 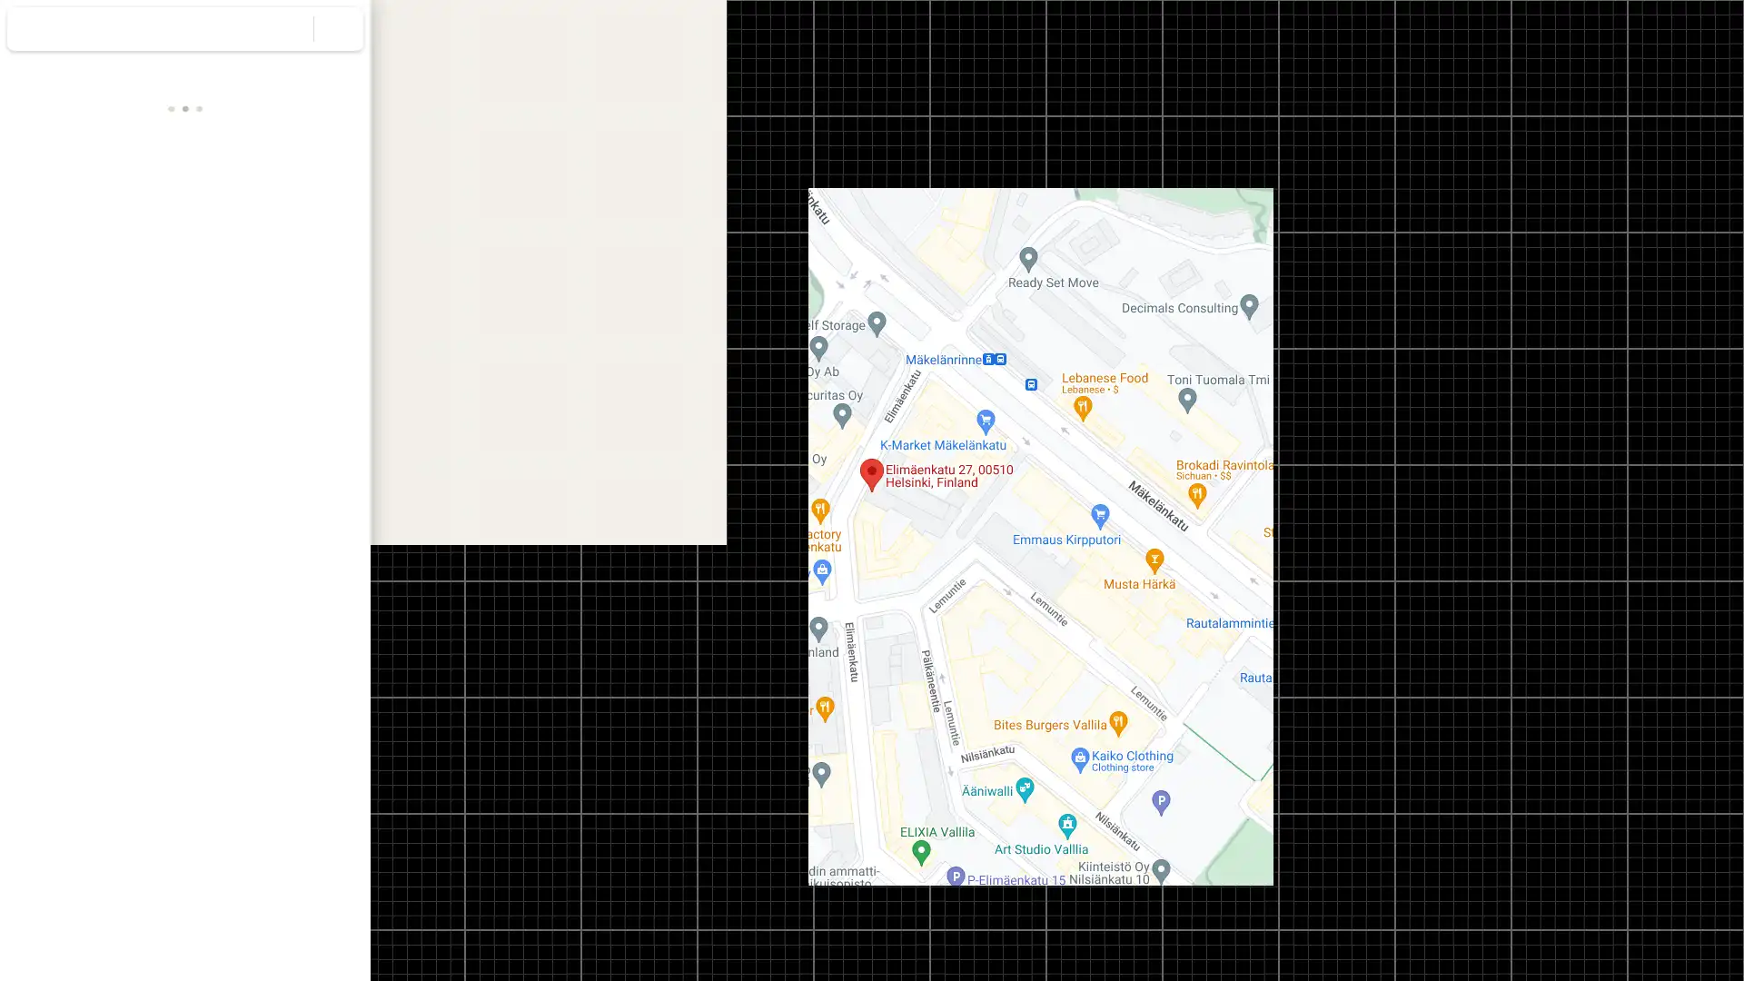 I want to click on Collapse side panel, so click(x=380, y=490).